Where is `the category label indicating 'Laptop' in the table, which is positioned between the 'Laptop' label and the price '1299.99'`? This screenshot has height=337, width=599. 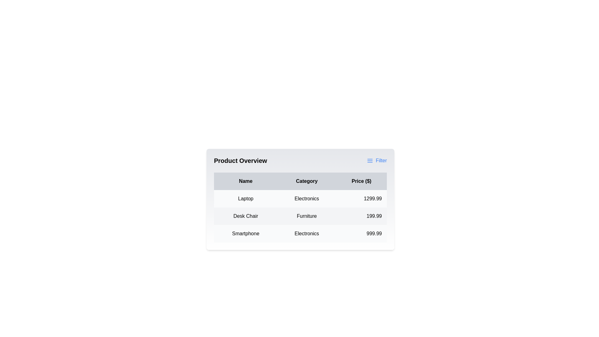
the category label indicating 'Laptop' in the table, which is positioned between the 'Laptop' label and the price '1299.99' is located at coordinates (307, 198).